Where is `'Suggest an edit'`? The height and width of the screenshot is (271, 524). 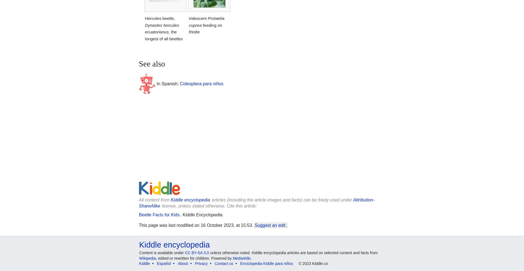
'Suggest an edit' is located at coordinates (254, 225).